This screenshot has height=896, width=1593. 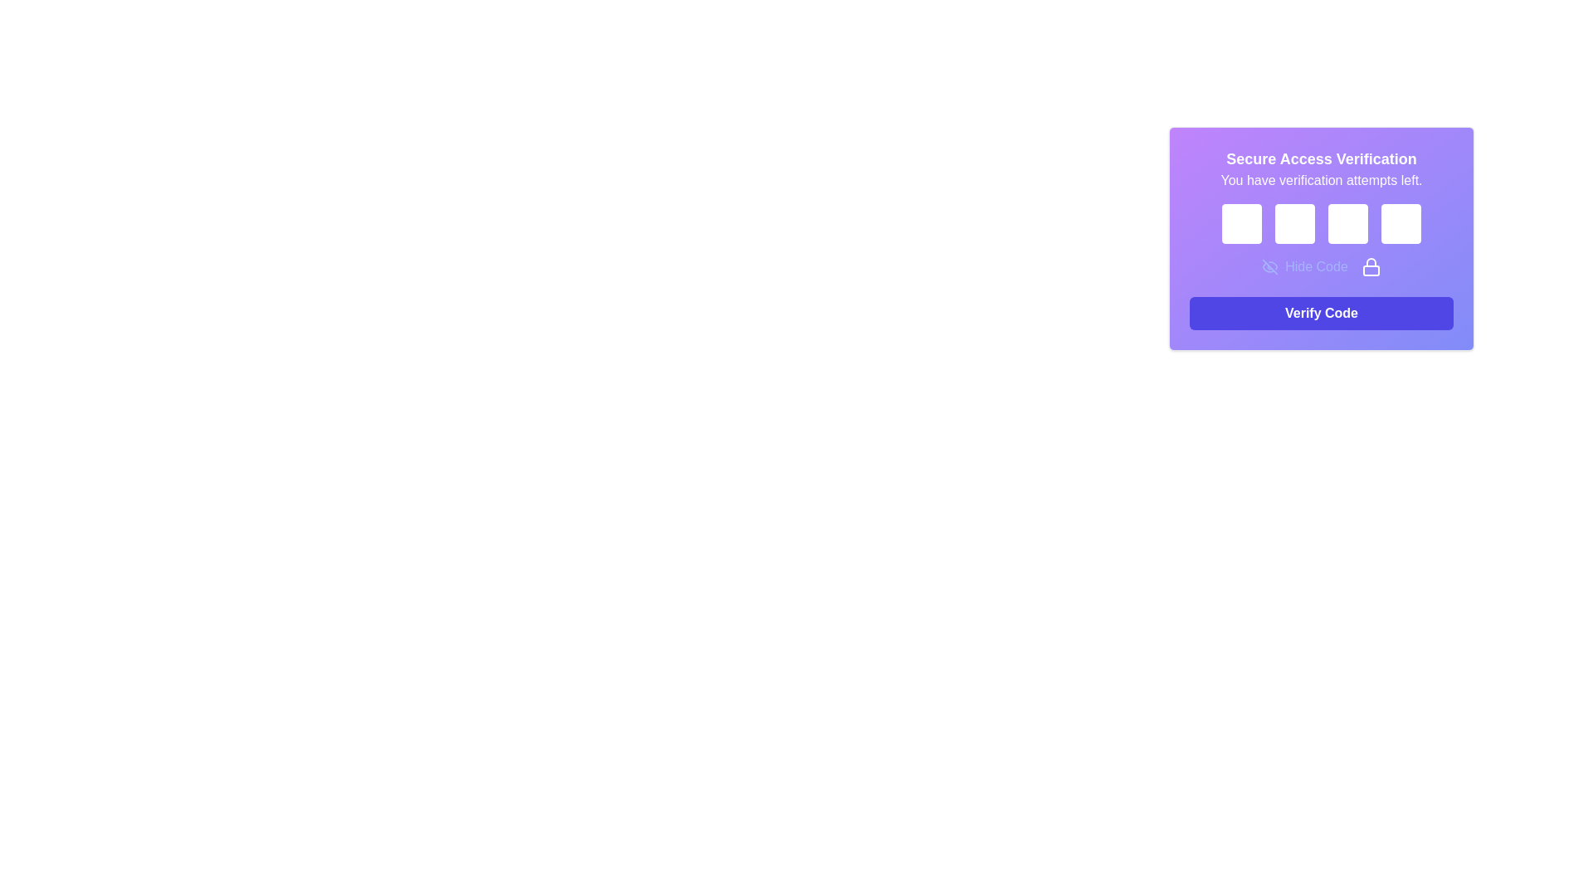 I want to click on the text label that states 'You have verification attempts left.' which is displayed in a light, white-colored font on a gradient purple-blue background, so click(x=1321, y=181).